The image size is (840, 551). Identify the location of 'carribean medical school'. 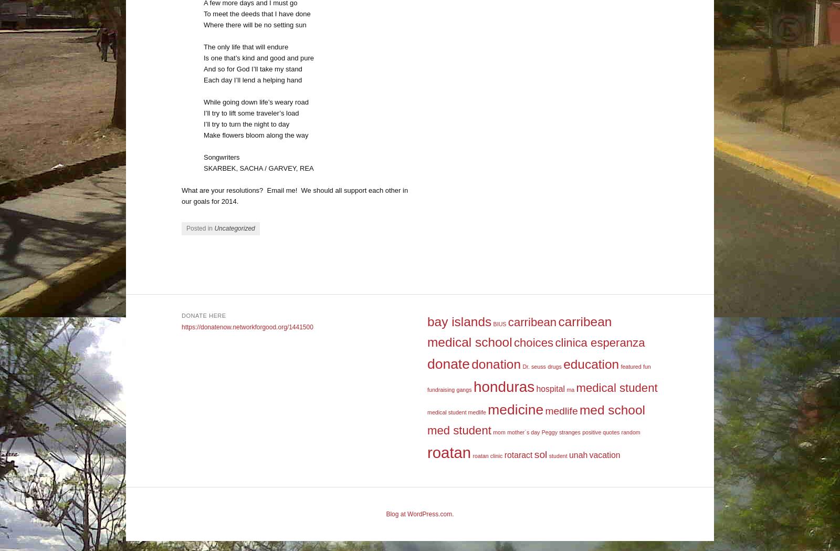
(519, 331).